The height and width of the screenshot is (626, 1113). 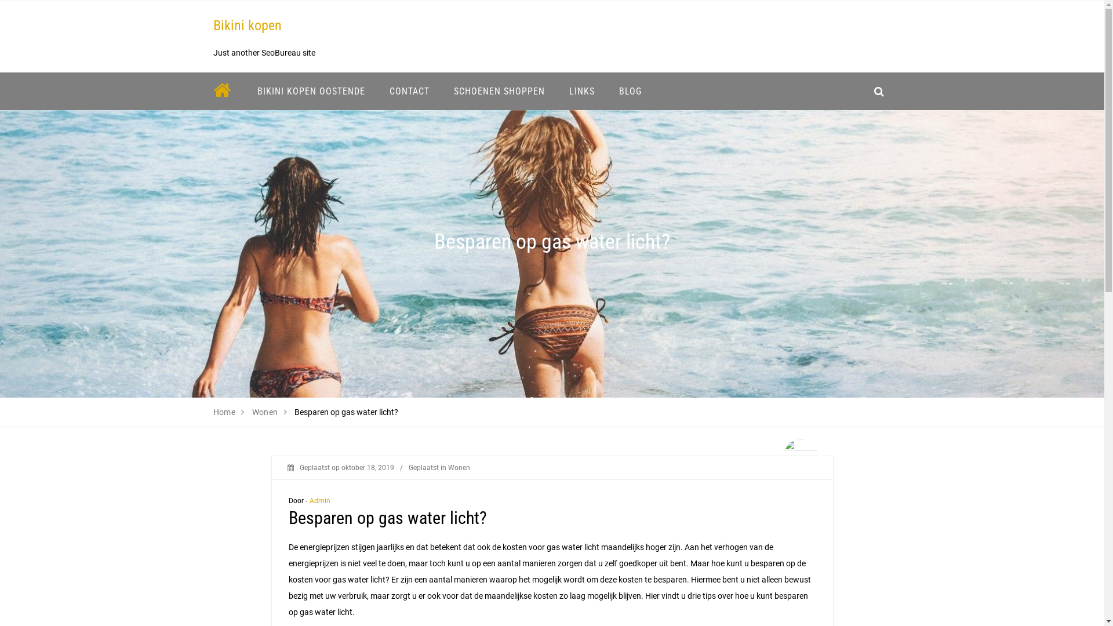 I want to click on 'search_icon', so click(x=865, y=90).